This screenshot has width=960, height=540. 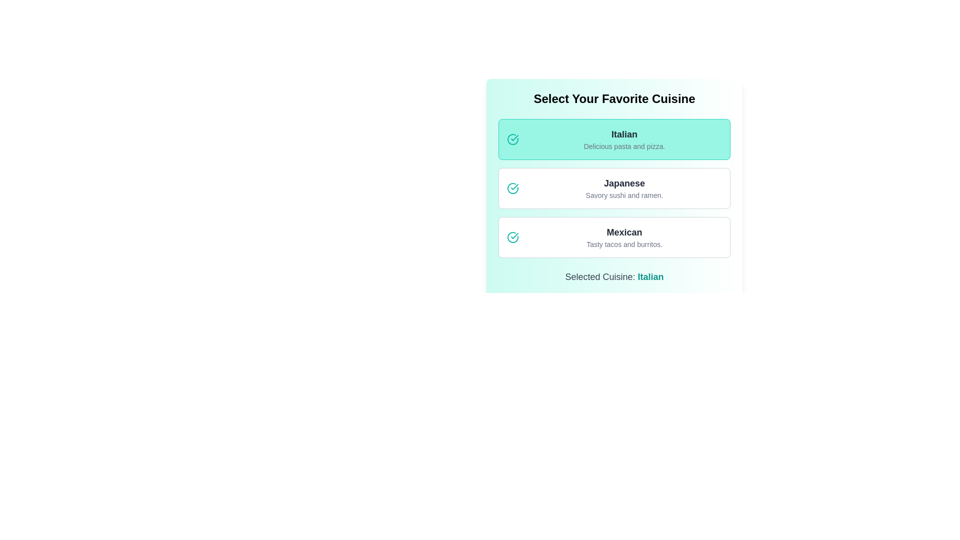 I want to click on the static Text label that displays the user's selected cuisine ('Italian'), located at the bottom of the vertical selection panel, so click(x=613, y=277).